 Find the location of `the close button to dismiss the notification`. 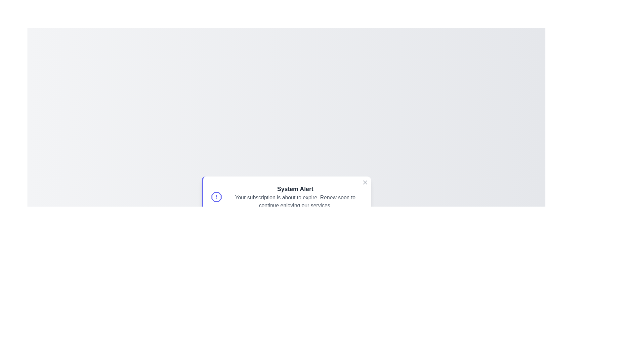

the close button to dismiss the notification is located at coordinates (365, 182).